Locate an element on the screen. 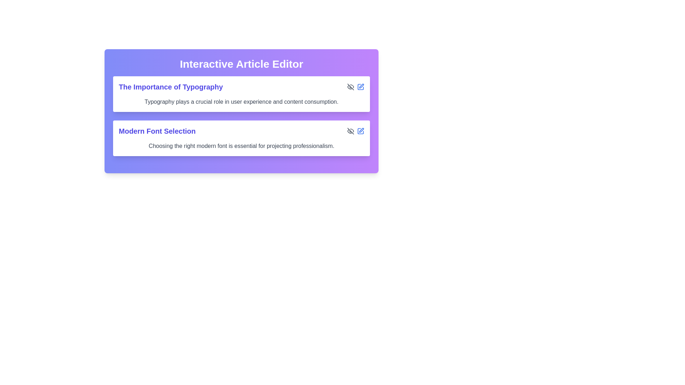  the paragraph text 'Typography plays a crucial role in user experience and content consumption.' from the text content block titled 'The Importance of Typography' for copying is located at coordinates (241, 93).